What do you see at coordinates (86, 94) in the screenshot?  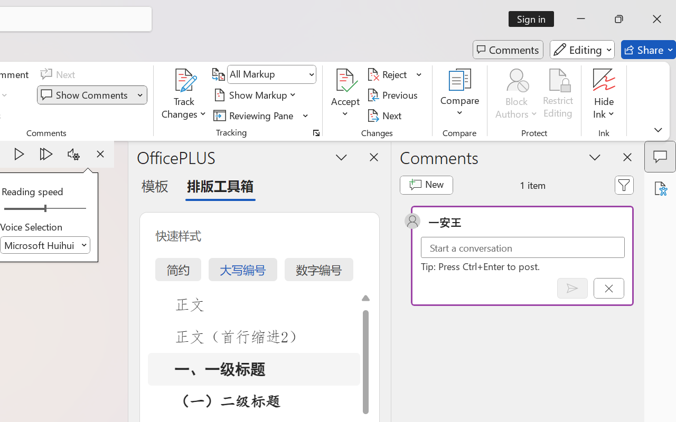 I see `'Show Comments'` at bounding box center [86, 94].